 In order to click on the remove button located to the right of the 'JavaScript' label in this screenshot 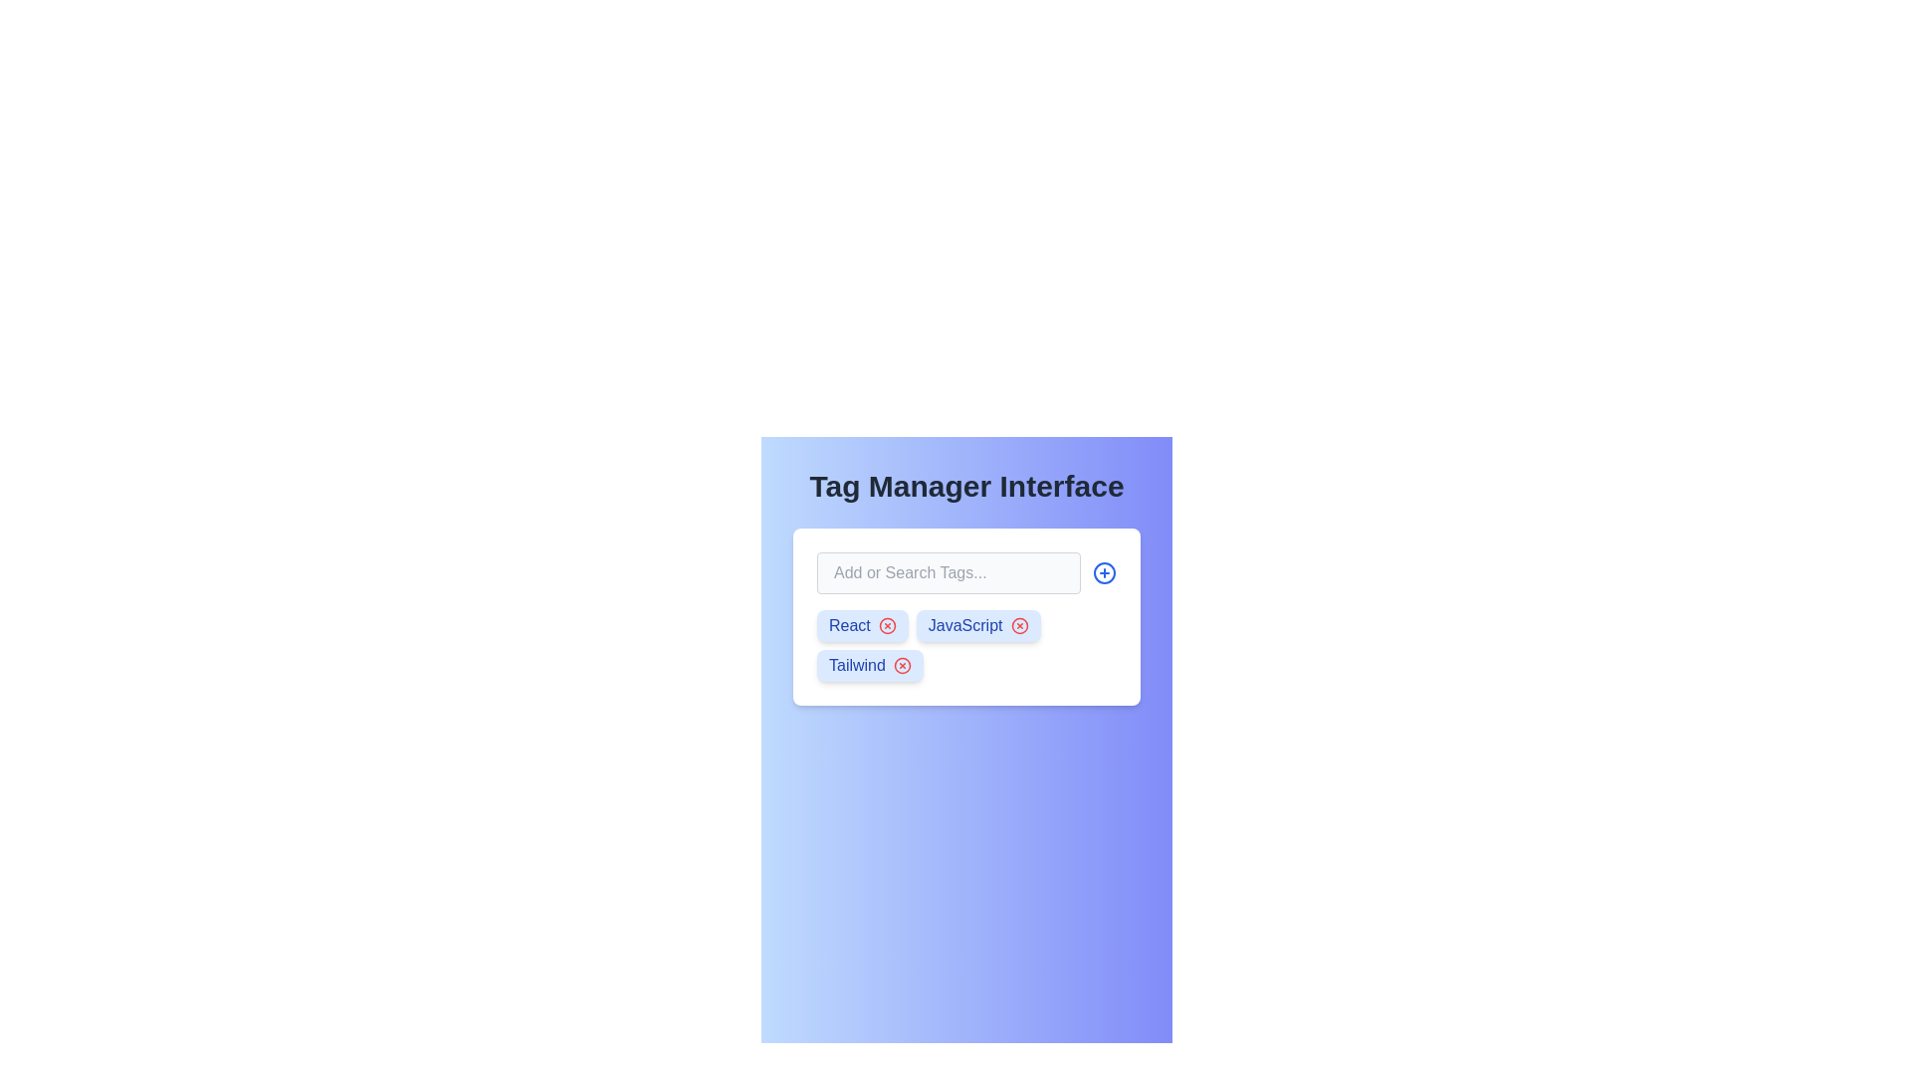, I will do `click(1019, 624)`.